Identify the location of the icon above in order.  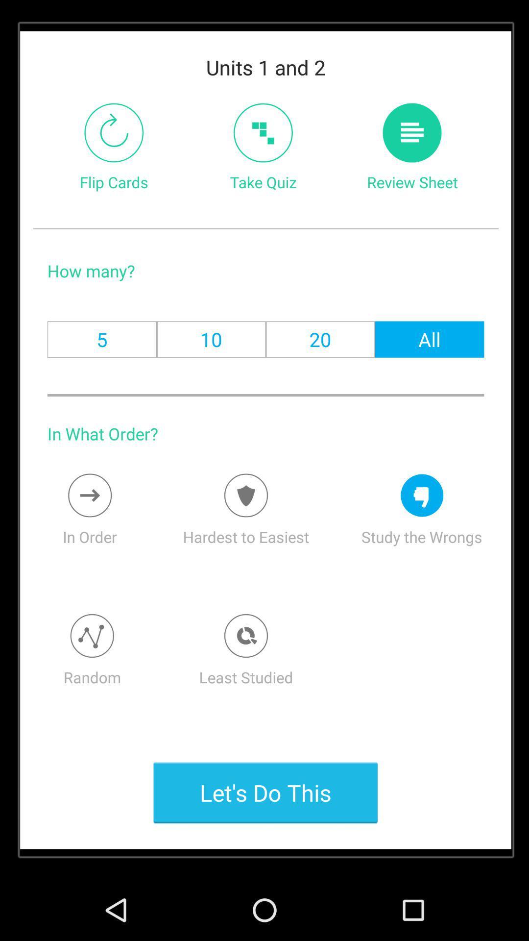
(90, 495).